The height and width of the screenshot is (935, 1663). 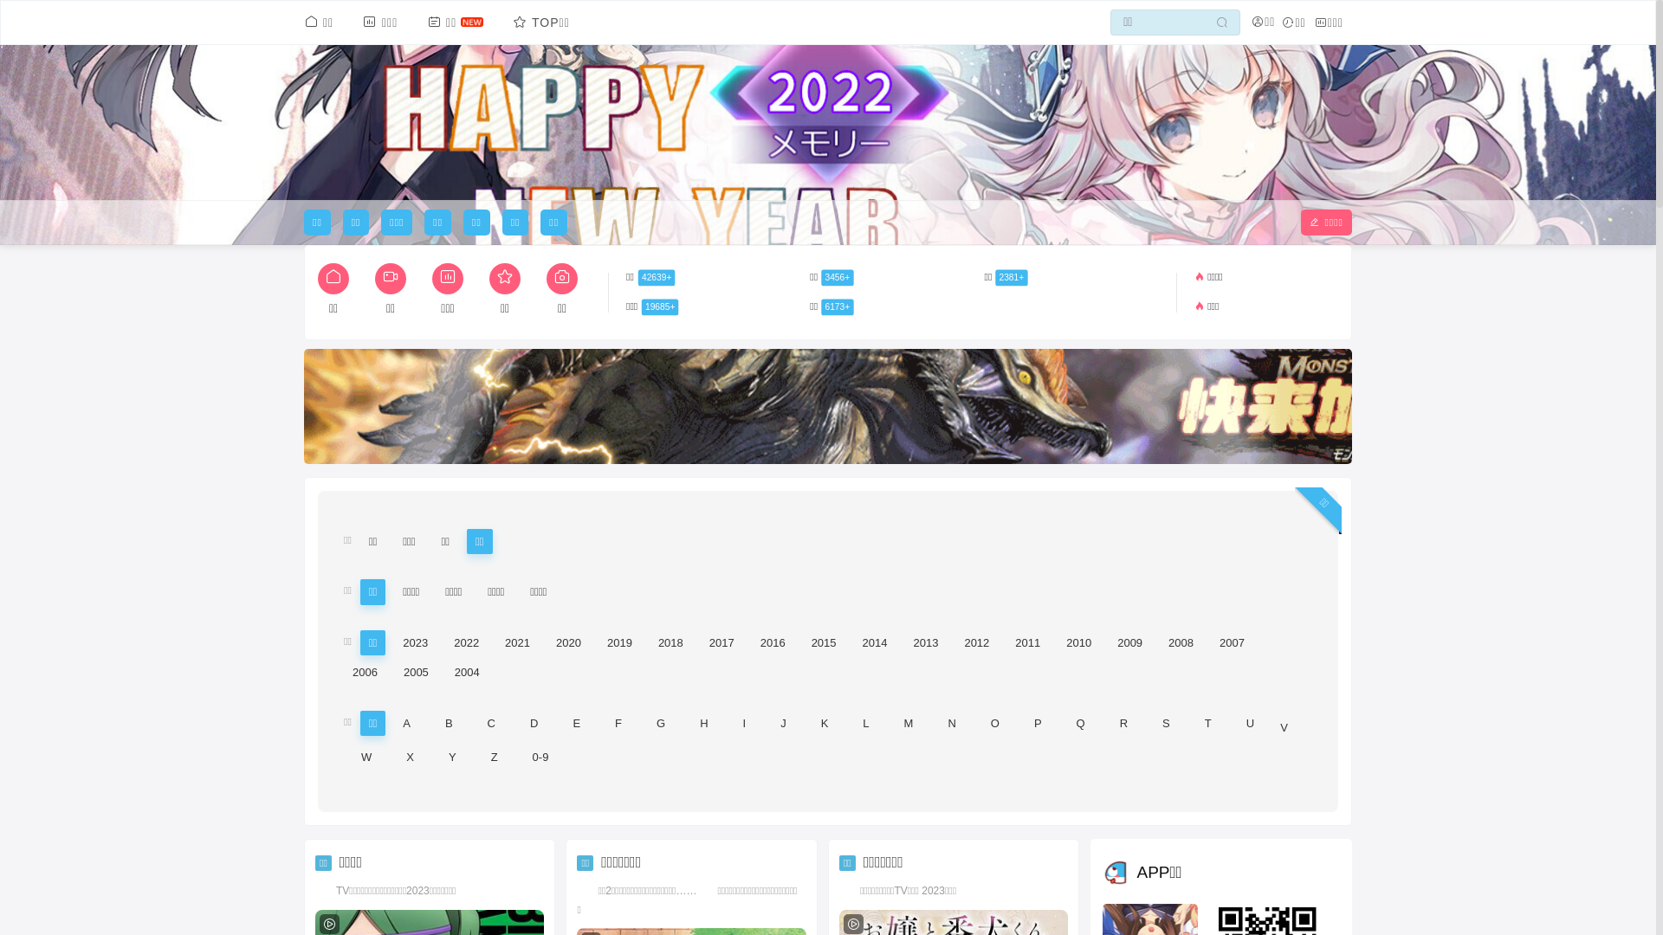 What do you see at coordinates (522, 756) in the screenshot?
I see `'0-9'` at bounding box center [522, 756].